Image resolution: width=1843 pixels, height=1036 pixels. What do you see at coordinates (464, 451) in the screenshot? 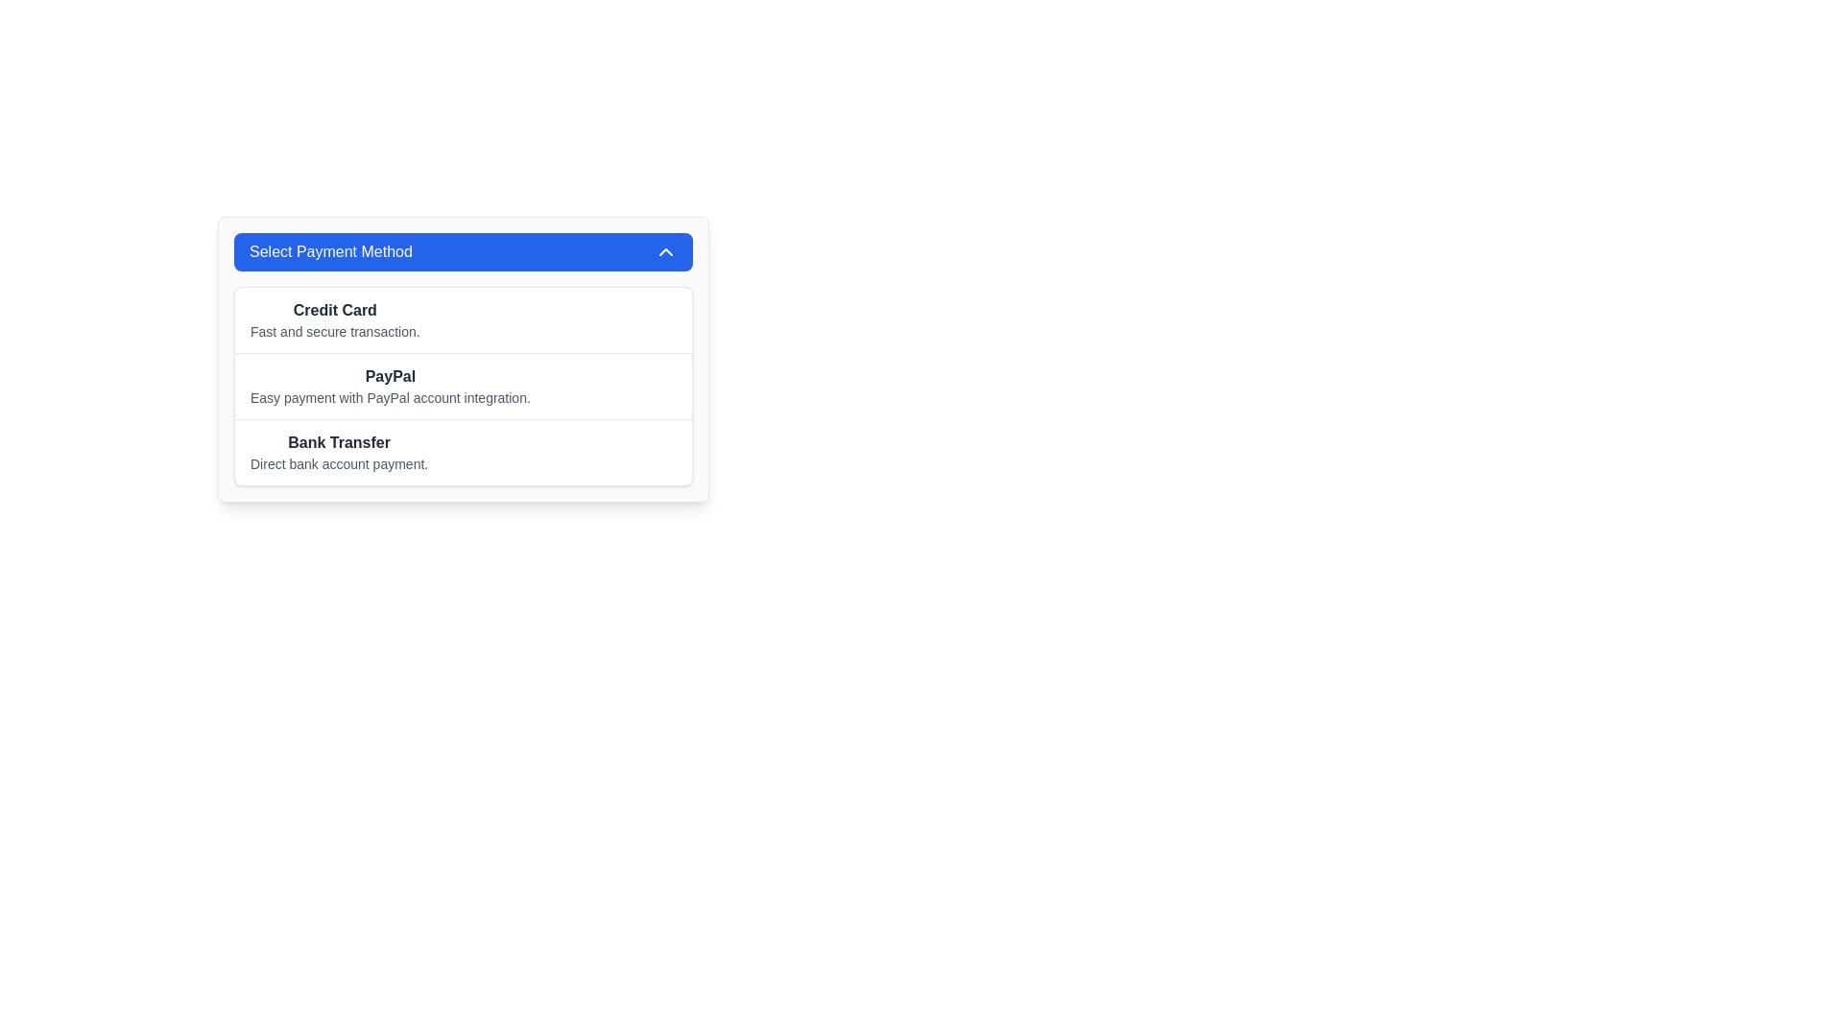
I see `the 'Bank Transfer' list item, which is the third option under 'Select Payment Method'` at bounding box center [464, 451].